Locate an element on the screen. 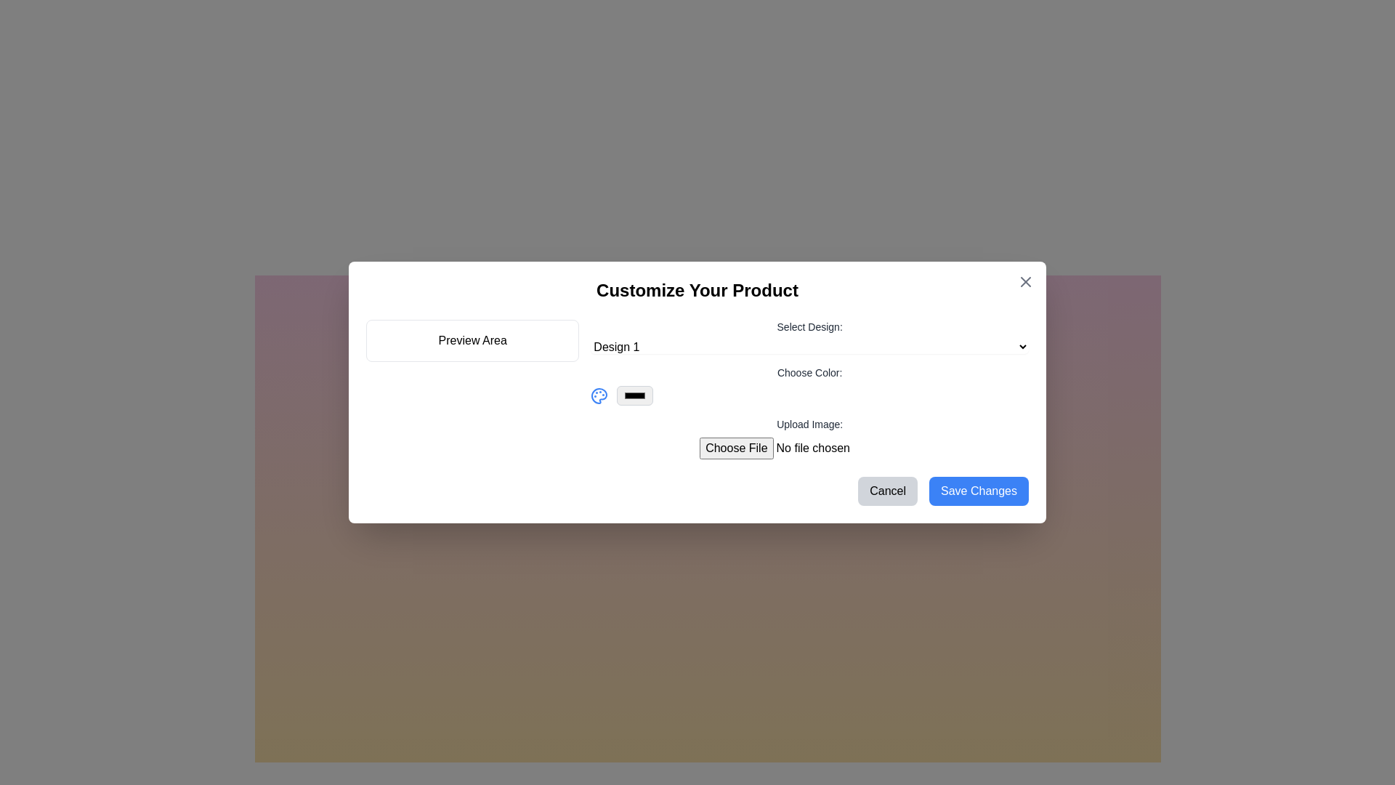 Image resolution: width=1395 pixels, height=785 pixels. the confirmation button located at the bottom-right of the dialog interface to confirm changes is located at coordinates (979, 491).